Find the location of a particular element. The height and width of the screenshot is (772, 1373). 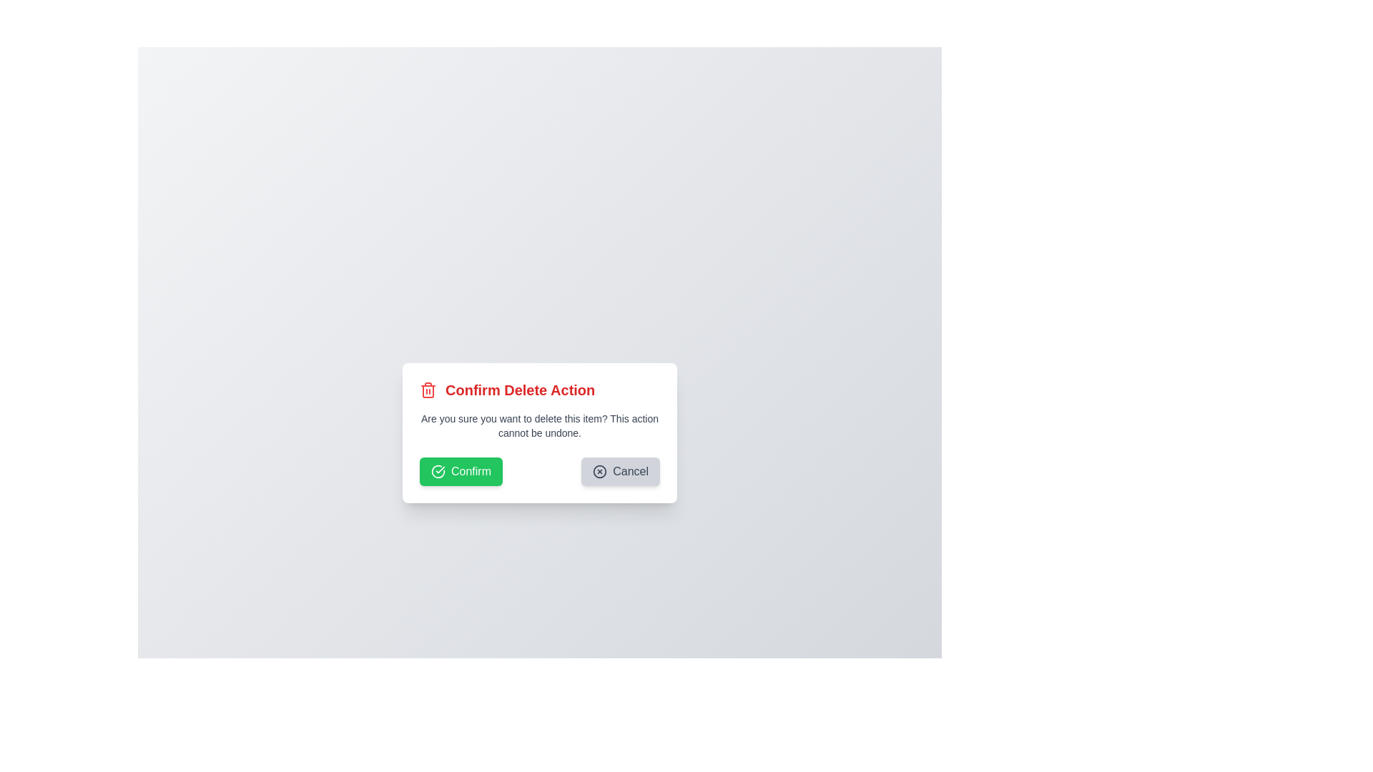

informative static text block warning the user about the consequences of proceeding with the deletion action, located below the 'Confirm Delete Action' heading and above the 'Confirm' and 'Cancel' buttons is located at coordinates (538, 425).